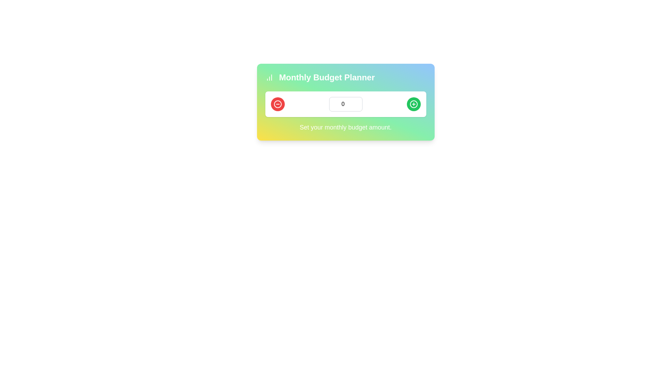 The width and height of the screenshot is (666, 374). Describe the element at coordinates (277, 104) in the screenshot. I see `the circular red button with a white minus icon to decrease the numeric value in the Monthly Budget Planner` at that location.